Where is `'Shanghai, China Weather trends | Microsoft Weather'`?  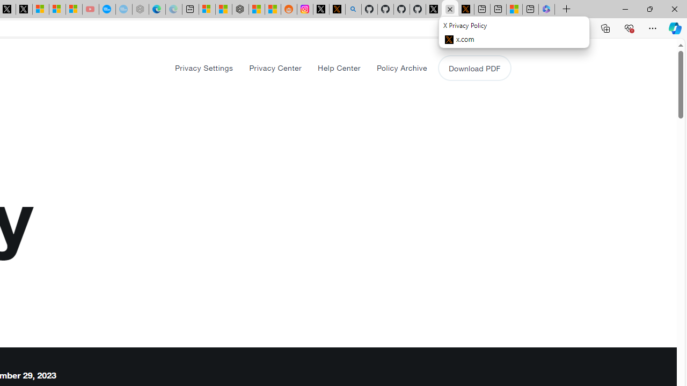
'Shanghai, China Weather trends | Microsoft Weather' is located at coordinates (273, 9).